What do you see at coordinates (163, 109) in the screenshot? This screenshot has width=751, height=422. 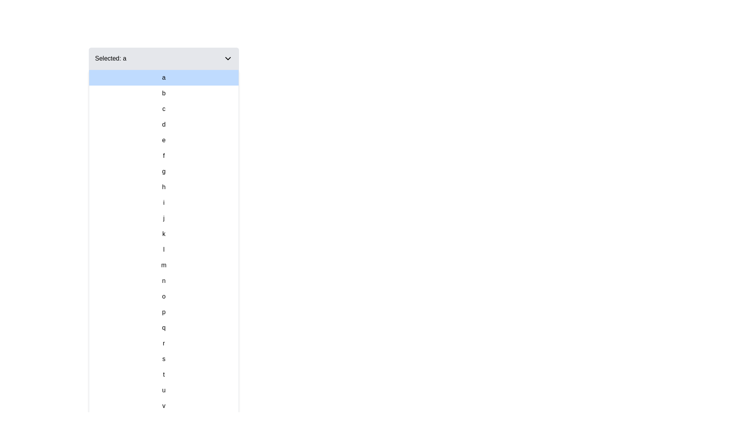 I see `the text element displaying the character 'c' in the dropdown list` at bounding box center [163, 109].